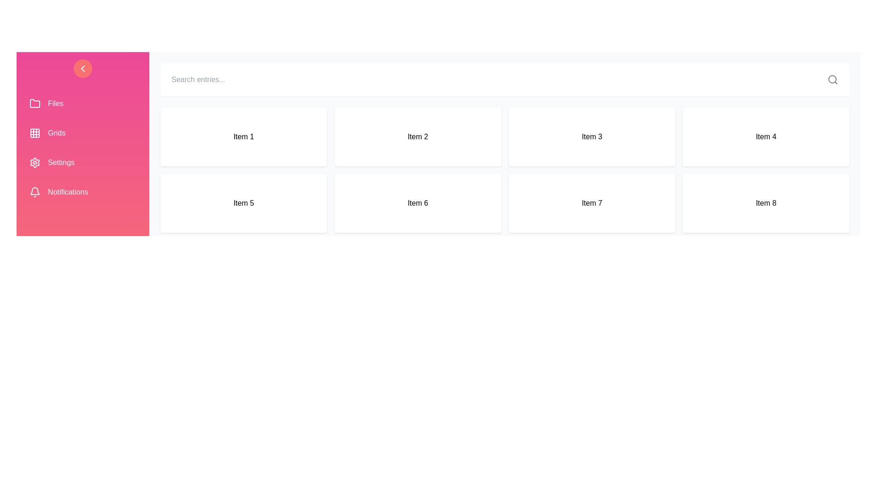 This screenshot has width=885, height=498. Describe the element at coordinates (83, 103) in the screenshot. I see `the menu item Files in the side drawer` at that location.